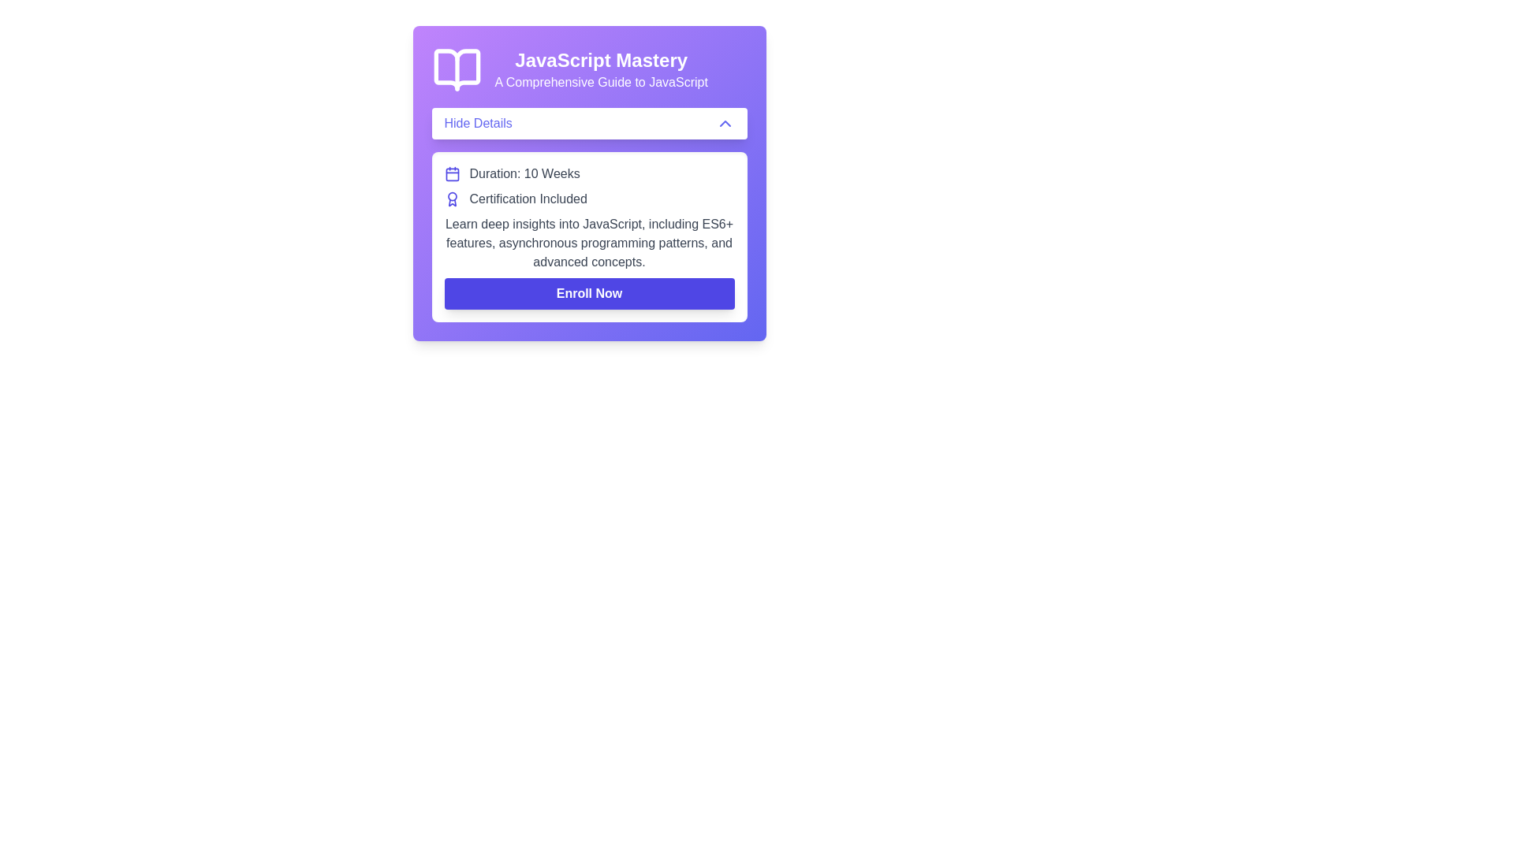 The image size is (1514, 851). What do you see at coordinates (451, 199) in the screenshot?
I see `the certification icon located to the left of the 'Certification Included' text, which indicates that a certification is part of the course offering` at bounding box center [451, 199].